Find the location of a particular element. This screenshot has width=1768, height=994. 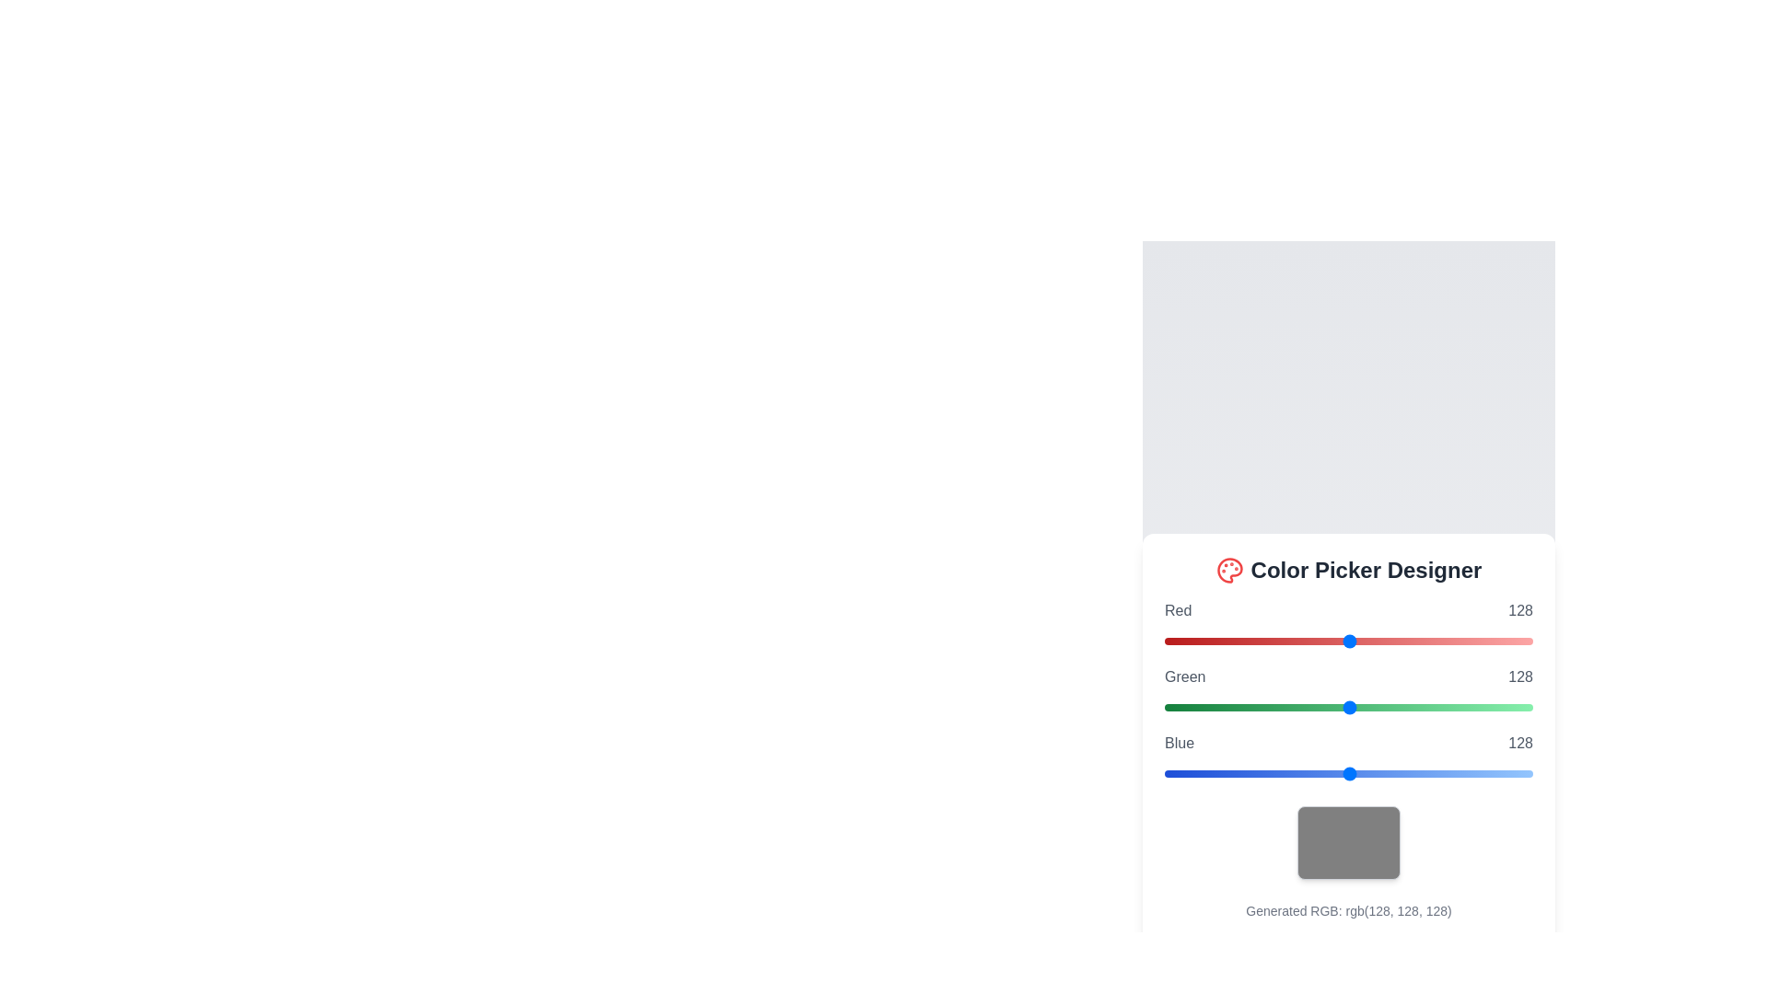

the blue slider to set its value to 112 is located at coordinates (1326, 773).